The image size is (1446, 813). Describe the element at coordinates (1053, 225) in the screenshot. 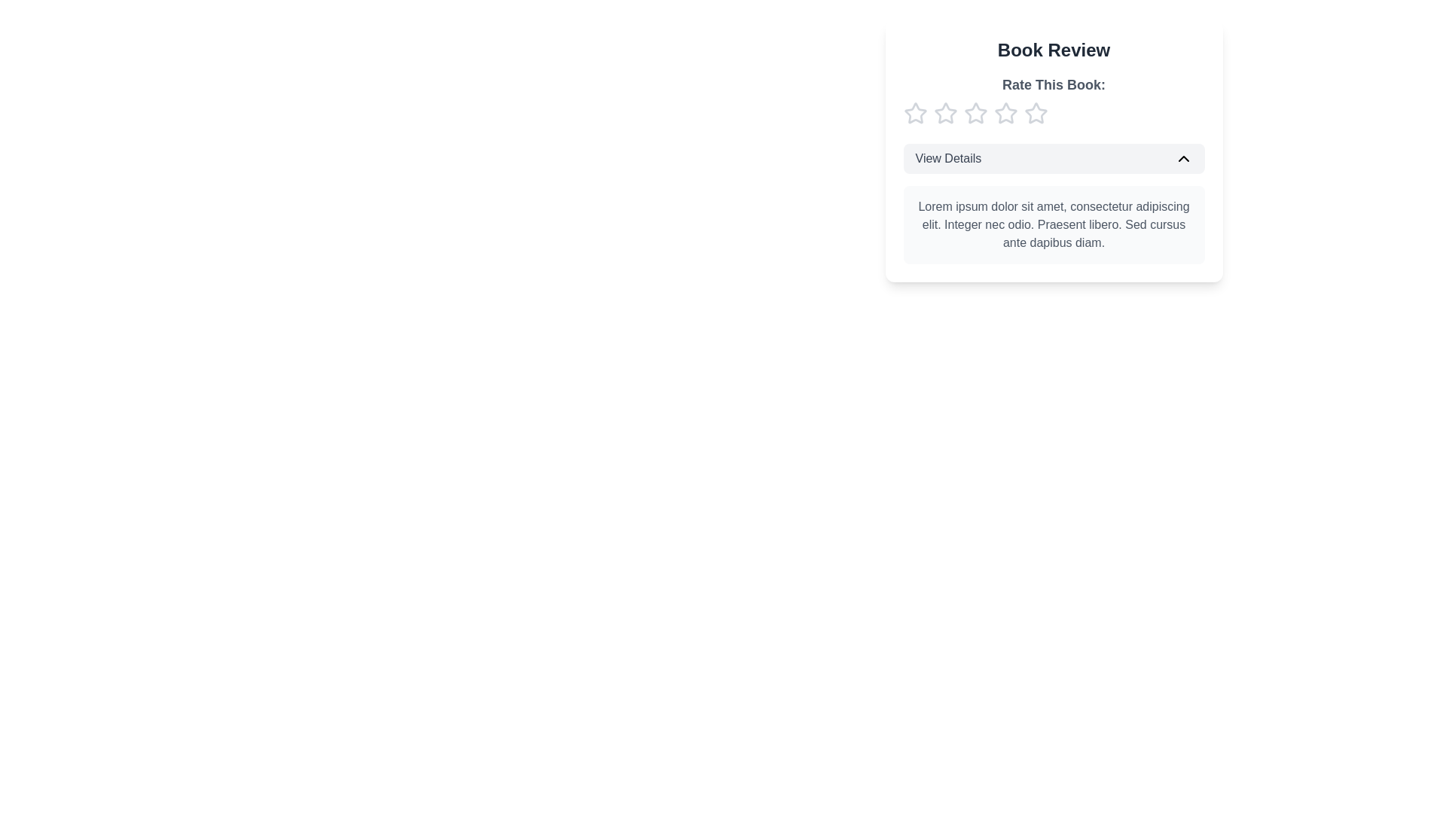

I see `the text block displaying lorem ipsum filler text, which is styled with a gray font color on a light gray background and is located beneath the 'View Details' button in the 'Book Review' section` at that location.